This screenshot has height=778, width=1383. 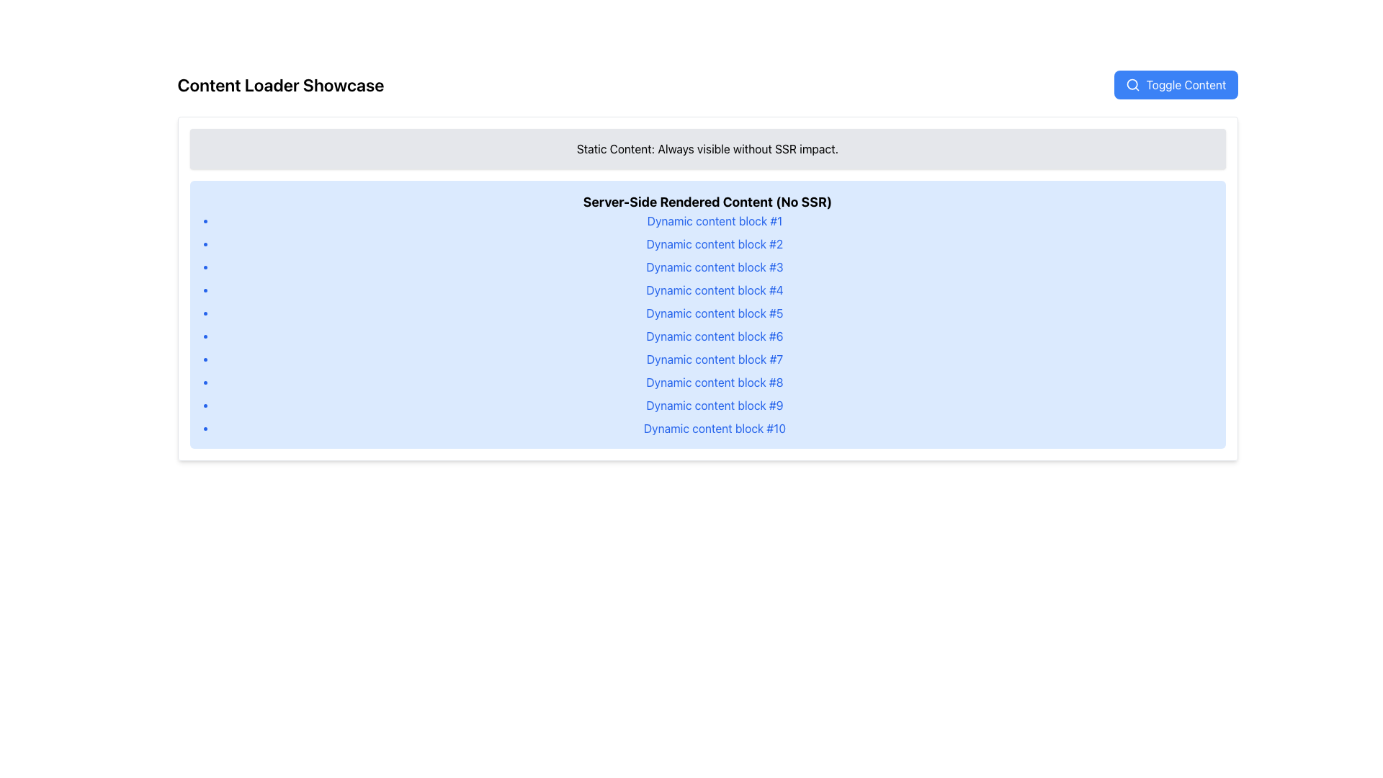 What do you see at coordinates (1132, 84) in the screenshot?
I see `the circular decorative graphic component representing the magnifying glass in the top-right corner of the interface` at bounding box center [1132, 84].